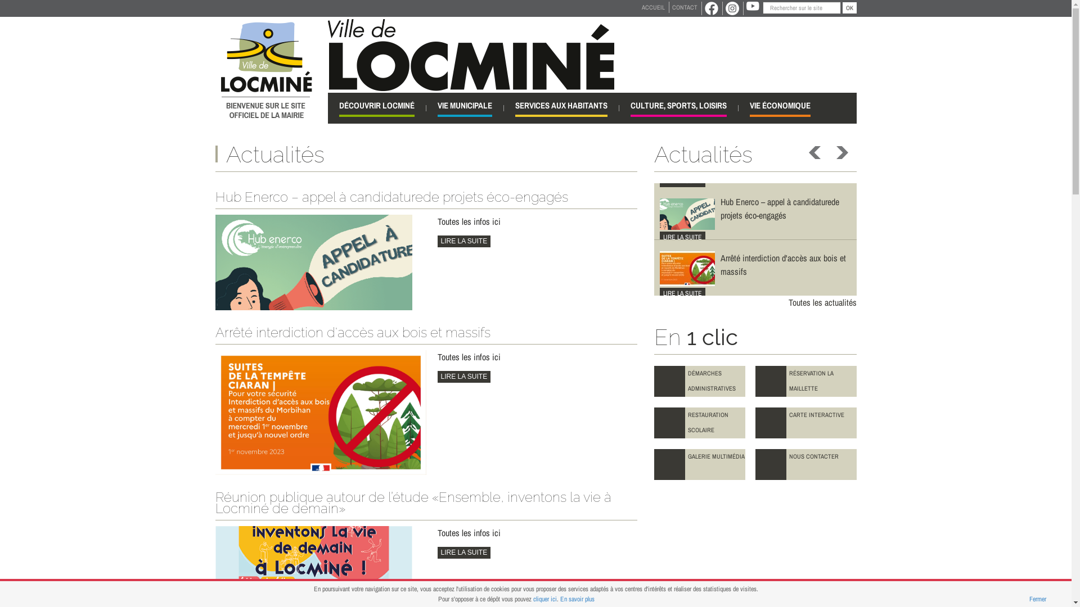  Describe the element at coordinates (834, 153) in the screenshot. I see `'Next'` at that location.